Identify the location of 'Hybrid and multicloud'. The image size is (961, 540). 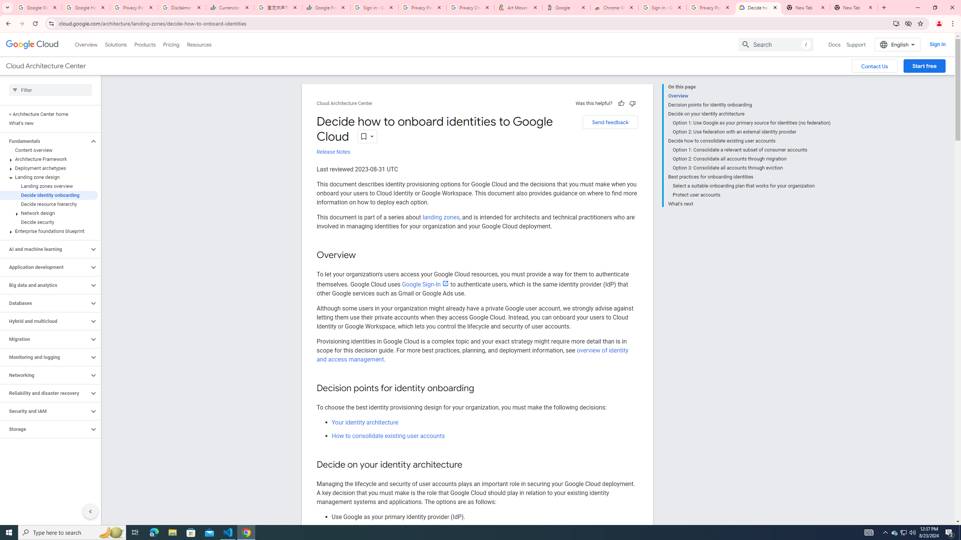
(44, 321).